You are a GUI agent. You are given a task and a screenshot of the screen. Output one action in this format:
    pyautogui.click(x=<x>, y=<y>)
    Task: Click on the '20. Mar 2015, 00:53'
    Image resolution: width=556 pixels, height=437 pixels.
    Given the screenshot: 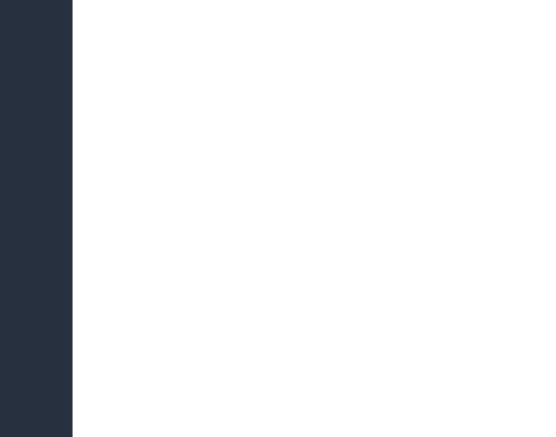 What is the action you would take?
    pyautogui.click(x=324, y=6)
    